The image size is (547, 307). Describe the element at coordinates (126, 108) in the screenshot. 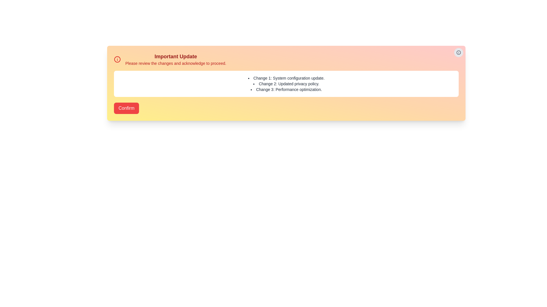

I see `Confirm button to accept the changes` at that location.